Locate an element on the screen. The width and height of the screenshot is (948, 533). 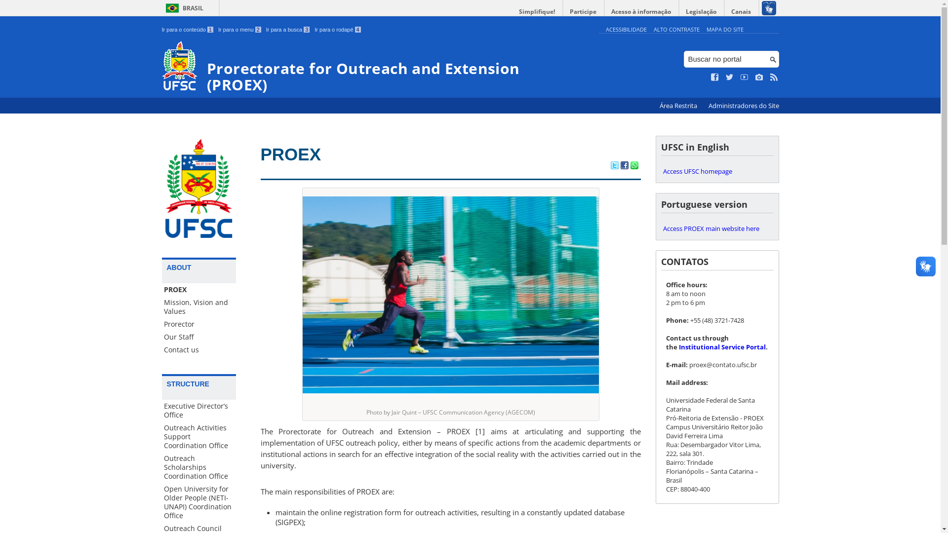
'Access PROEX main website here' is located at coordinates (661, 228).